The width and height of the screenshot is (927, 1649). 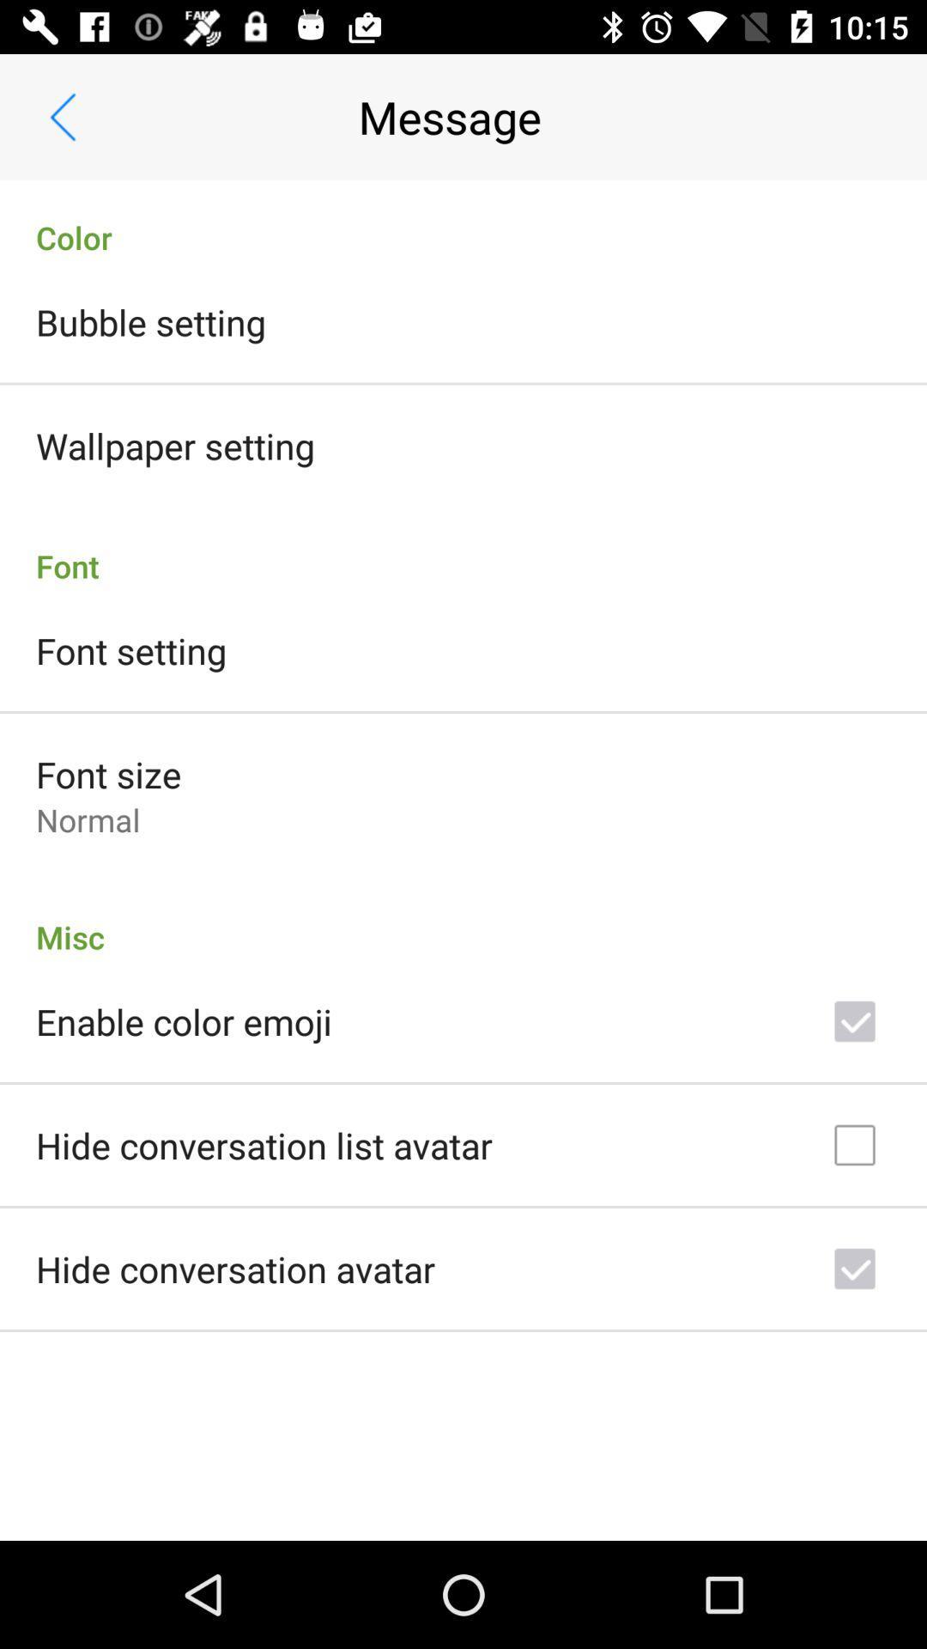 I want to click on item above color, so click(x=62, y=116).